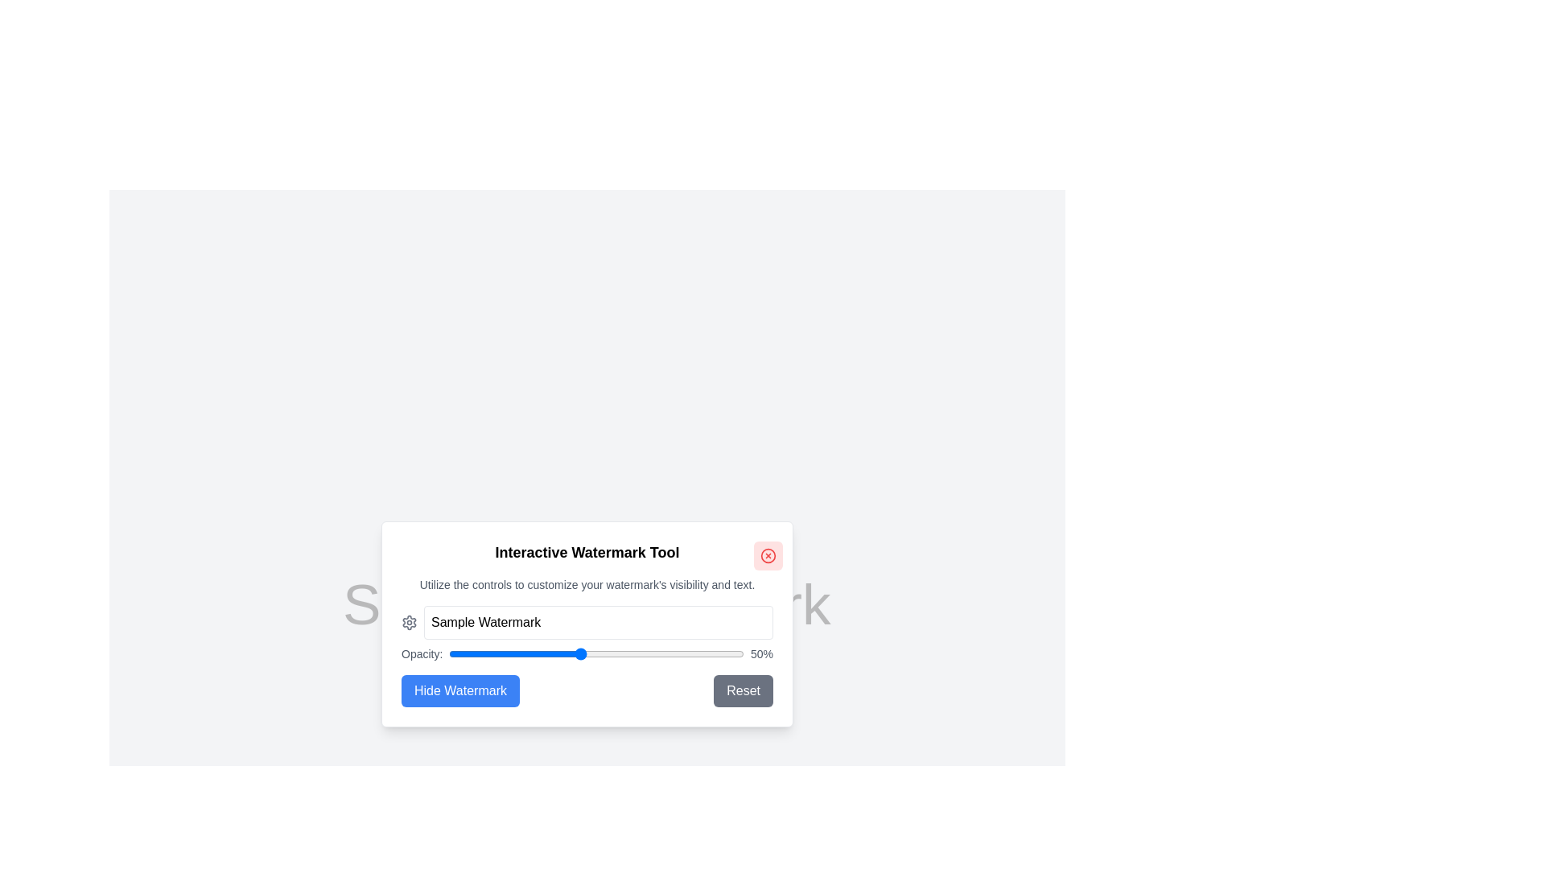 The image size is (1545, 869). I want to click on the opacity, so click(675, 654).